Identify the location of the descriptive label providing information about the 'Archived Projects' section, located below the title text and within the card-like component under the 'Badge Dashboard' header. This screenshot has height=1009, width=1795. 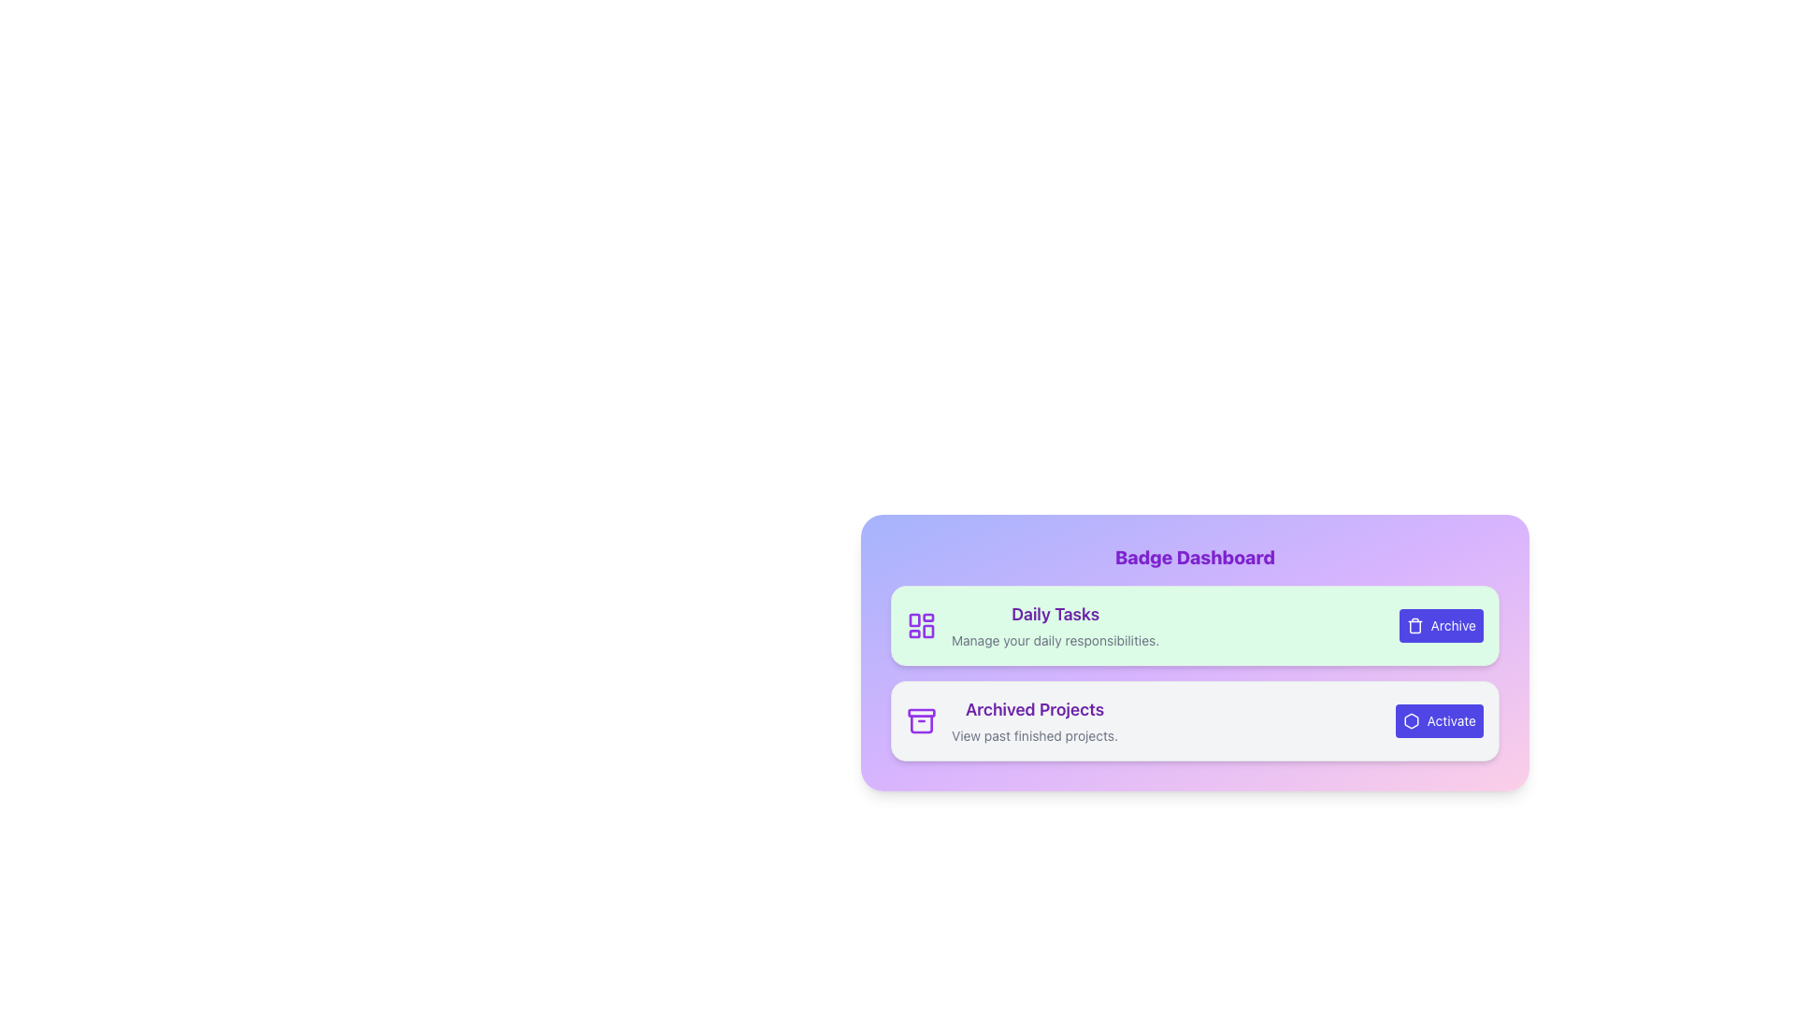
(1034, 734).